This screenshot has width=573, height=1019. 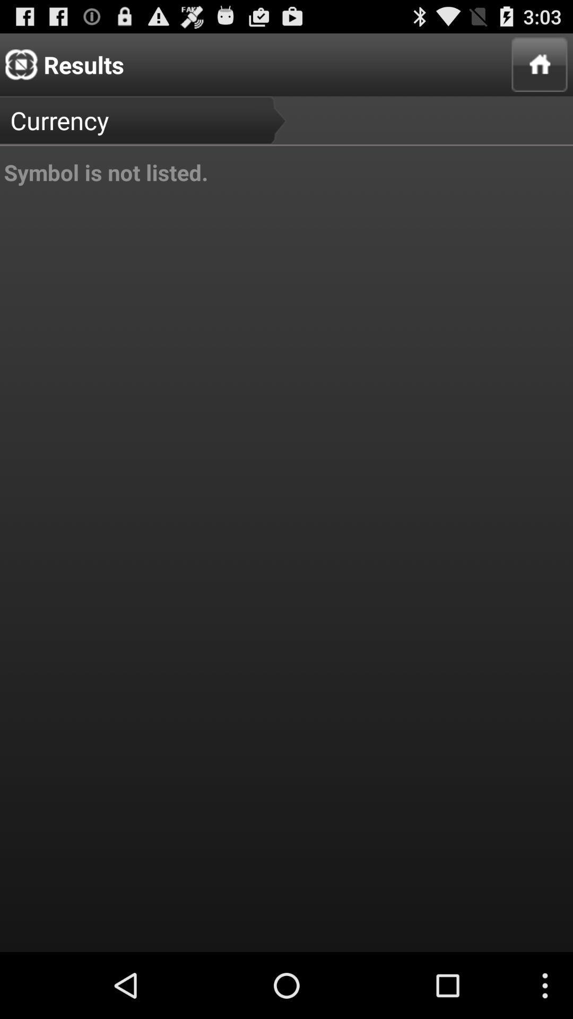 What do you see at coordinates (540, 64) in the screenshot?
I see `go home option` at bounding box center [540, 64].